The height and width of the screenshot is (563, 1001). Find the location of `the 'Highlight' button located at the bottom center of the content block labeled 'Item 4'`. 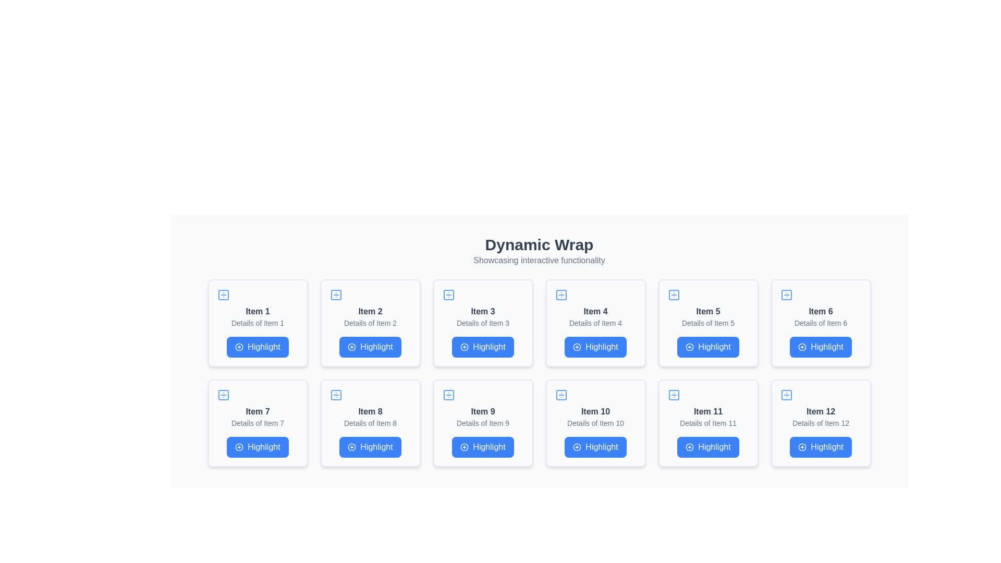

the 'Highlight' button located at the bottom center of the content block labeled 'Item 4' is located at coordinates (595, 347).